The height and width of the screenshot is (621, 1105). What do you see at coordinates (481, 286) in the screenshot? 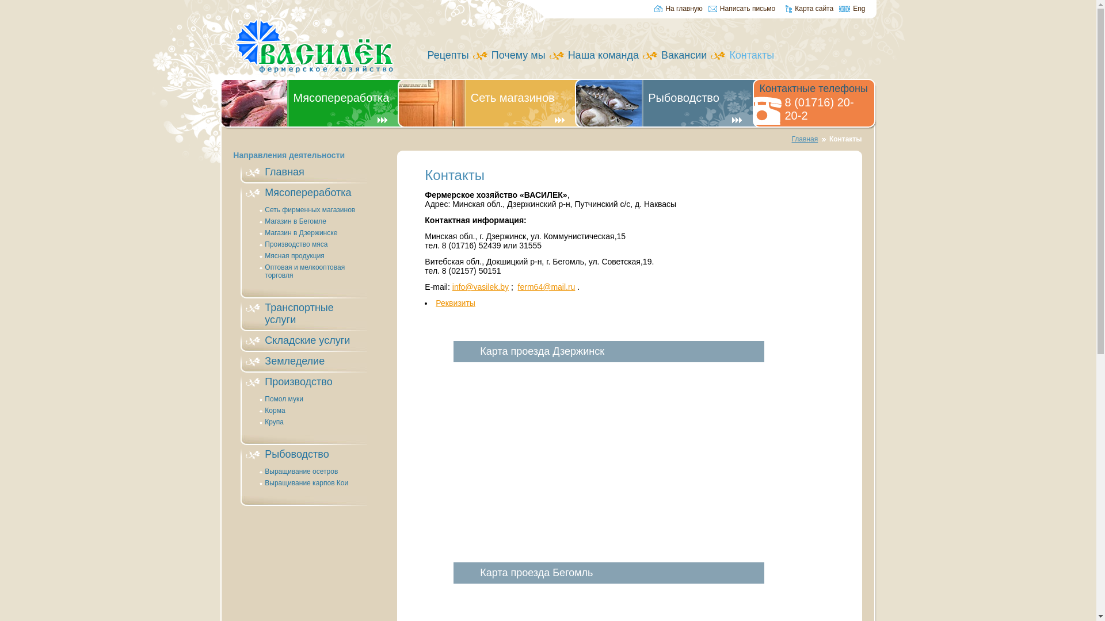
I see `'info@vasilek.by'` at bounding box center [481, 286].